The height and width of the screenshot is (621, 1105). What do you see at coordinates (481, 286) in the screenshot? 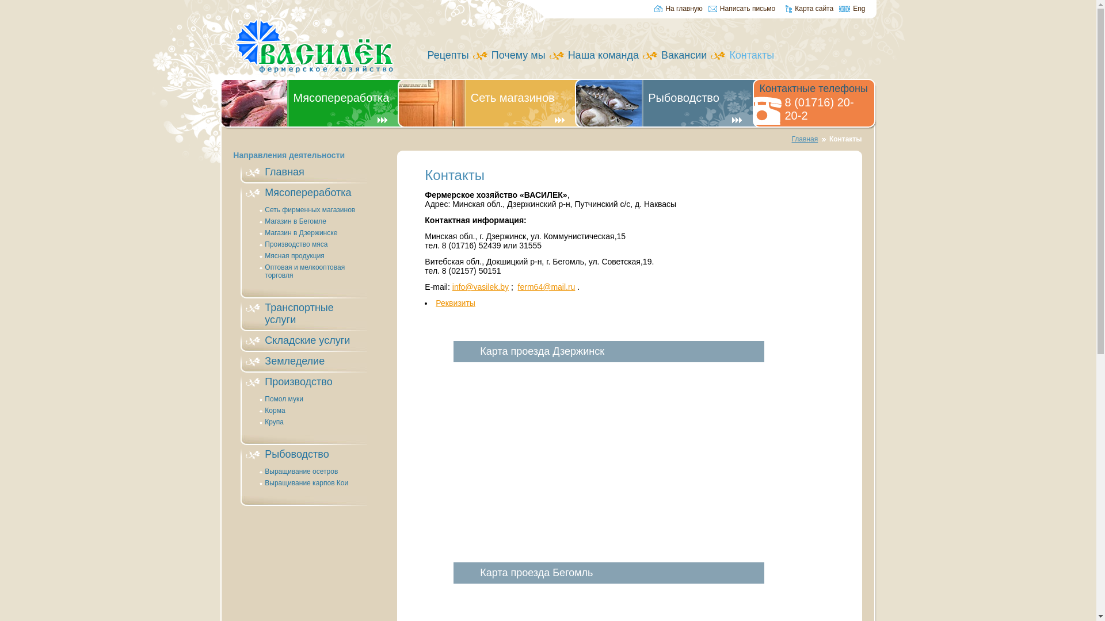
I see `'info@vasilek.by'` at bounding box center [481, 286].